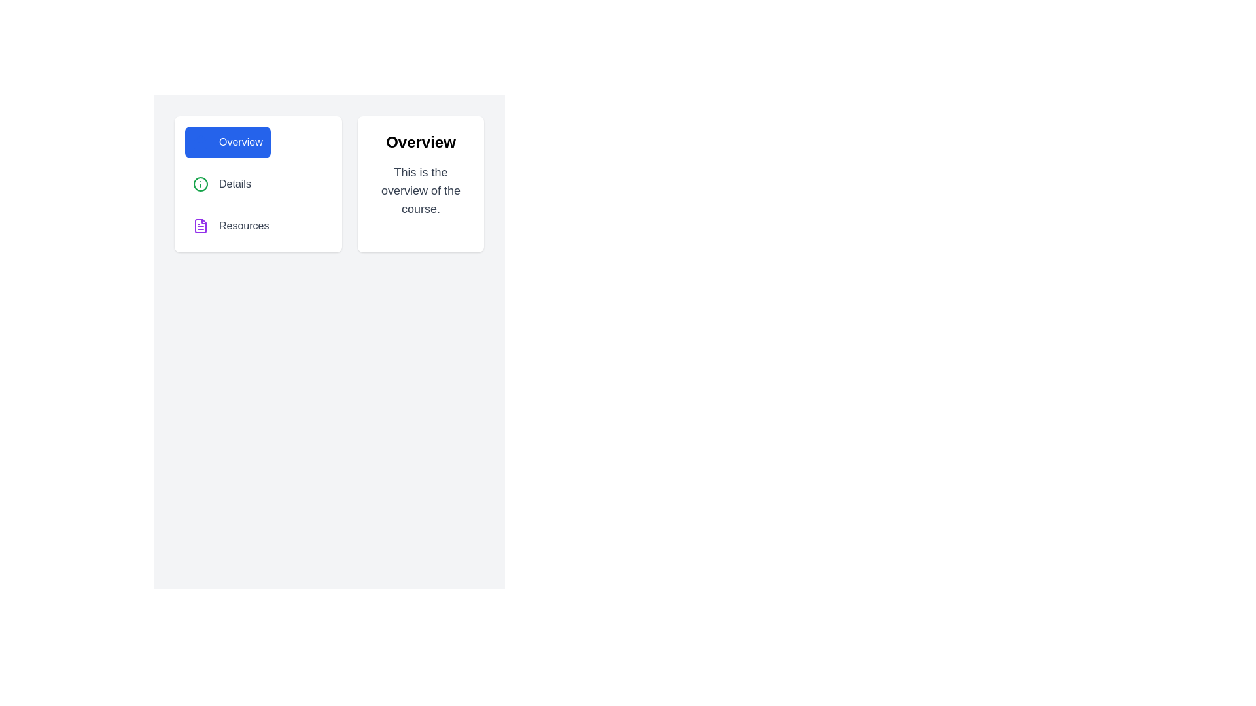  I want to click on the button that navigates to the resources section, located as the third option in the vertical list on the left pane of the white card, beneath 'Details', so click(231, 226).